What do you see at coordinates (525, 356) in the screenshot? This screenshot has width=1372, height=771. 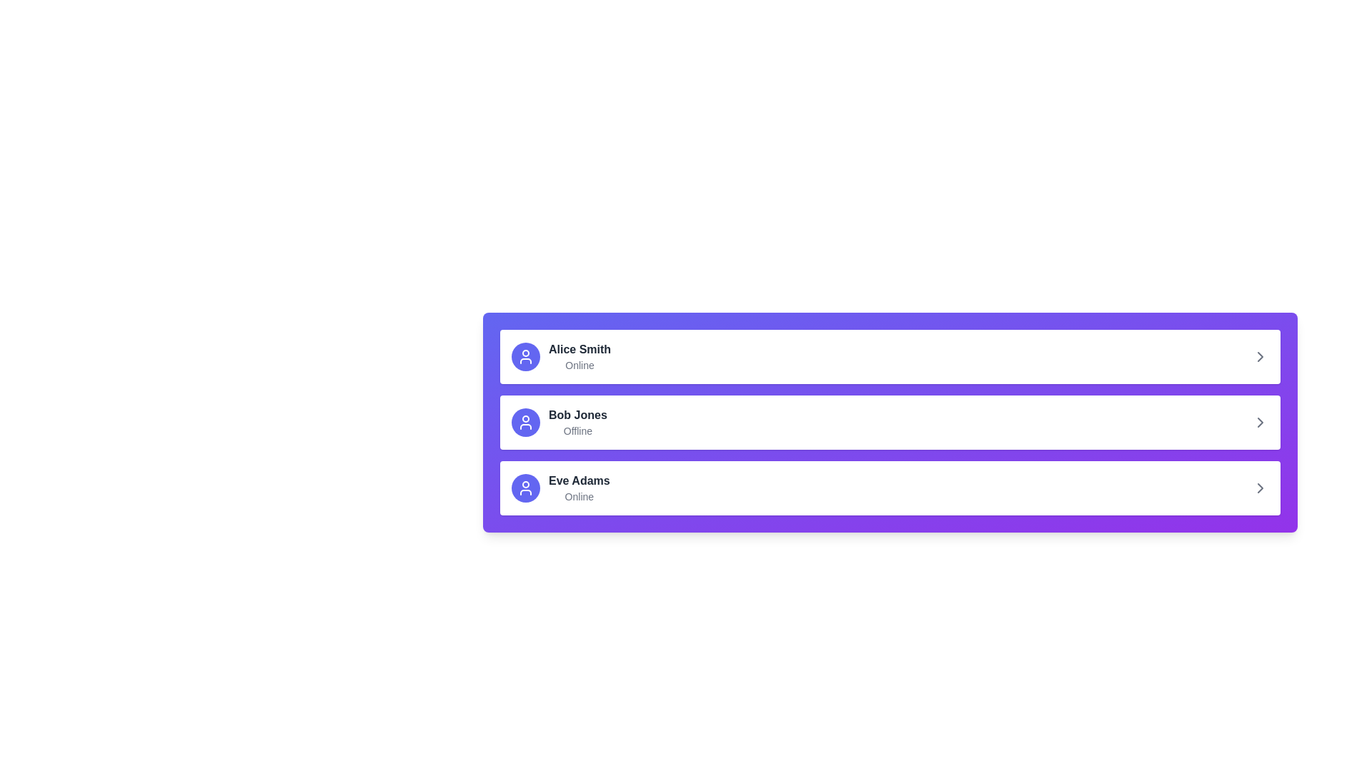 I see `on the circular profile icon with a blue background and white user figure outline, located` at bounding box center [525, 356].